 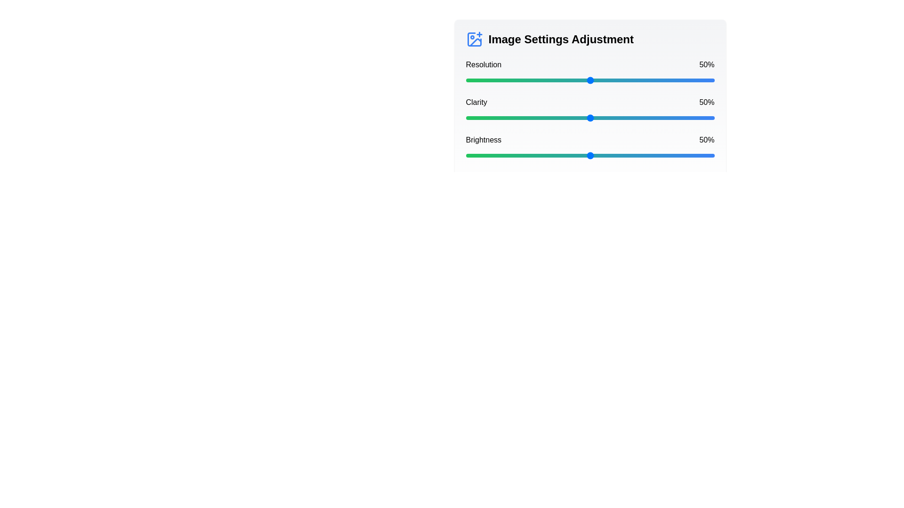 I want to click on the resolution slider to 30%, so click(x=540, y=79).